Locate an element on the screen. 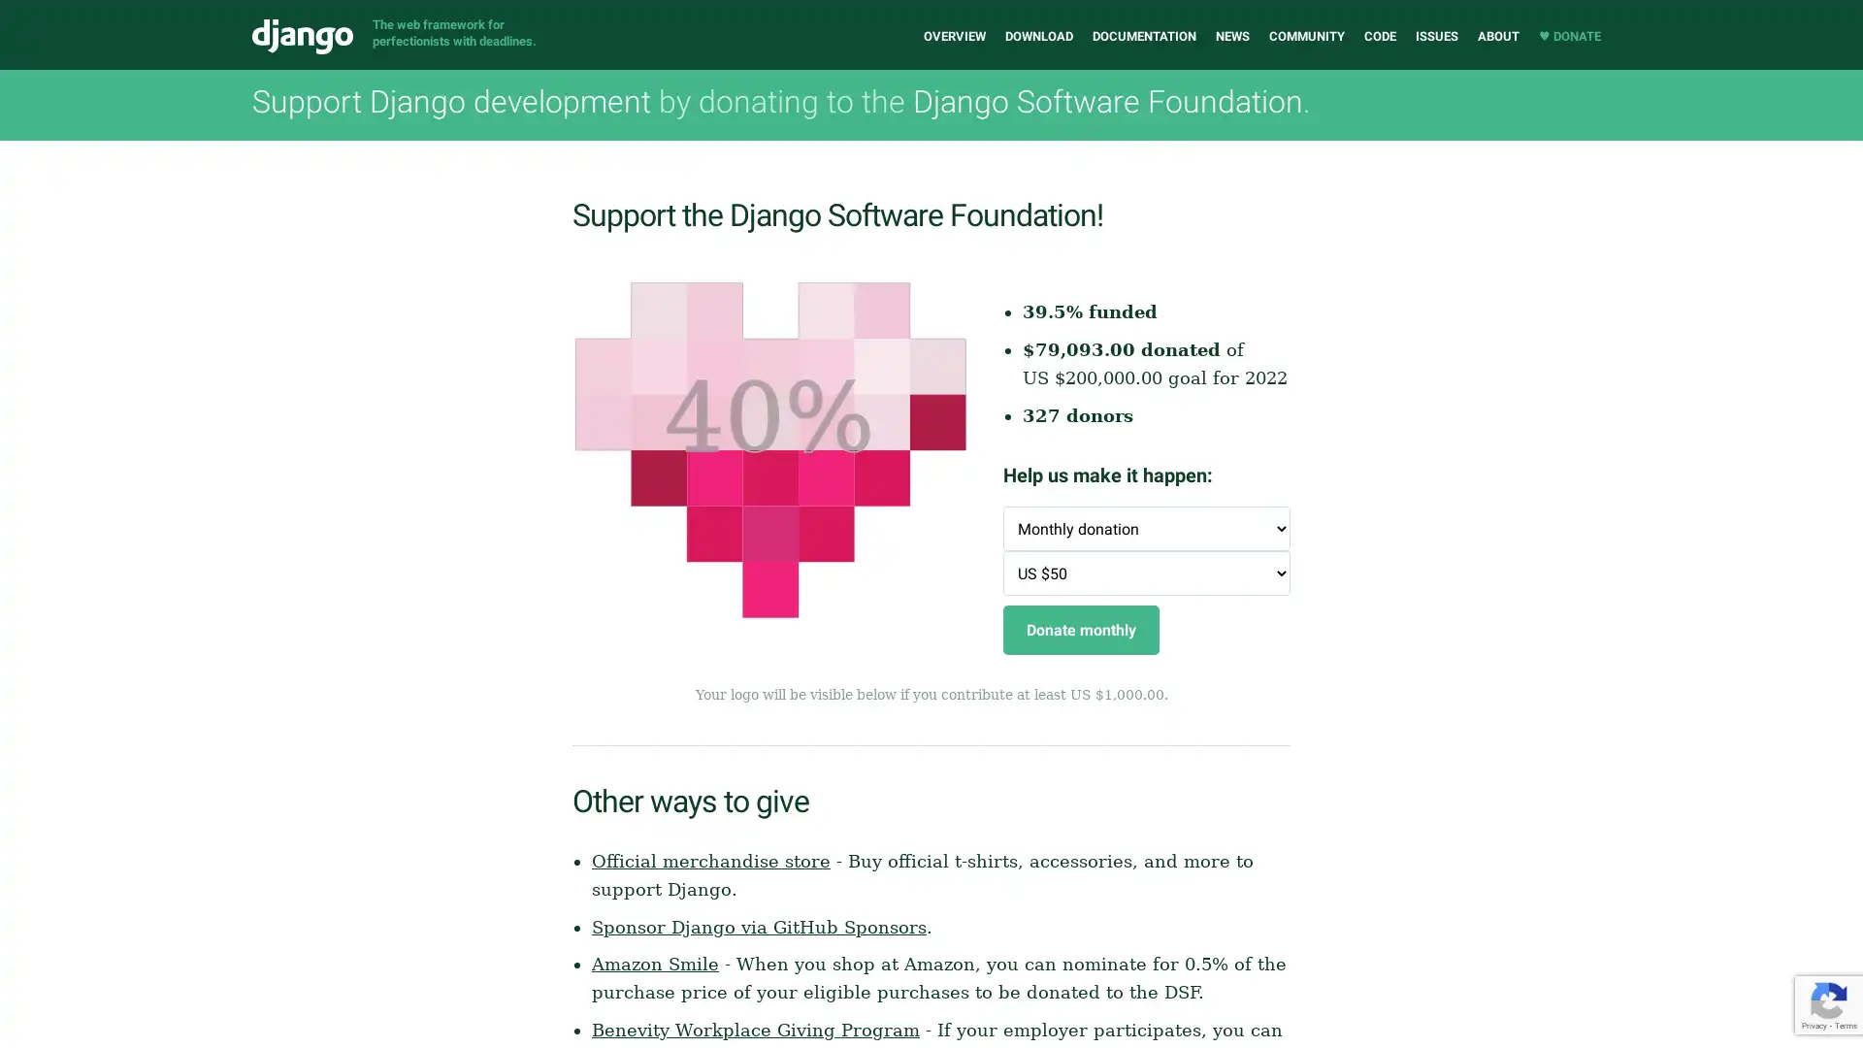 The image size is (1863, 1048). Donate monthly is located at coordinates (1080, 630).